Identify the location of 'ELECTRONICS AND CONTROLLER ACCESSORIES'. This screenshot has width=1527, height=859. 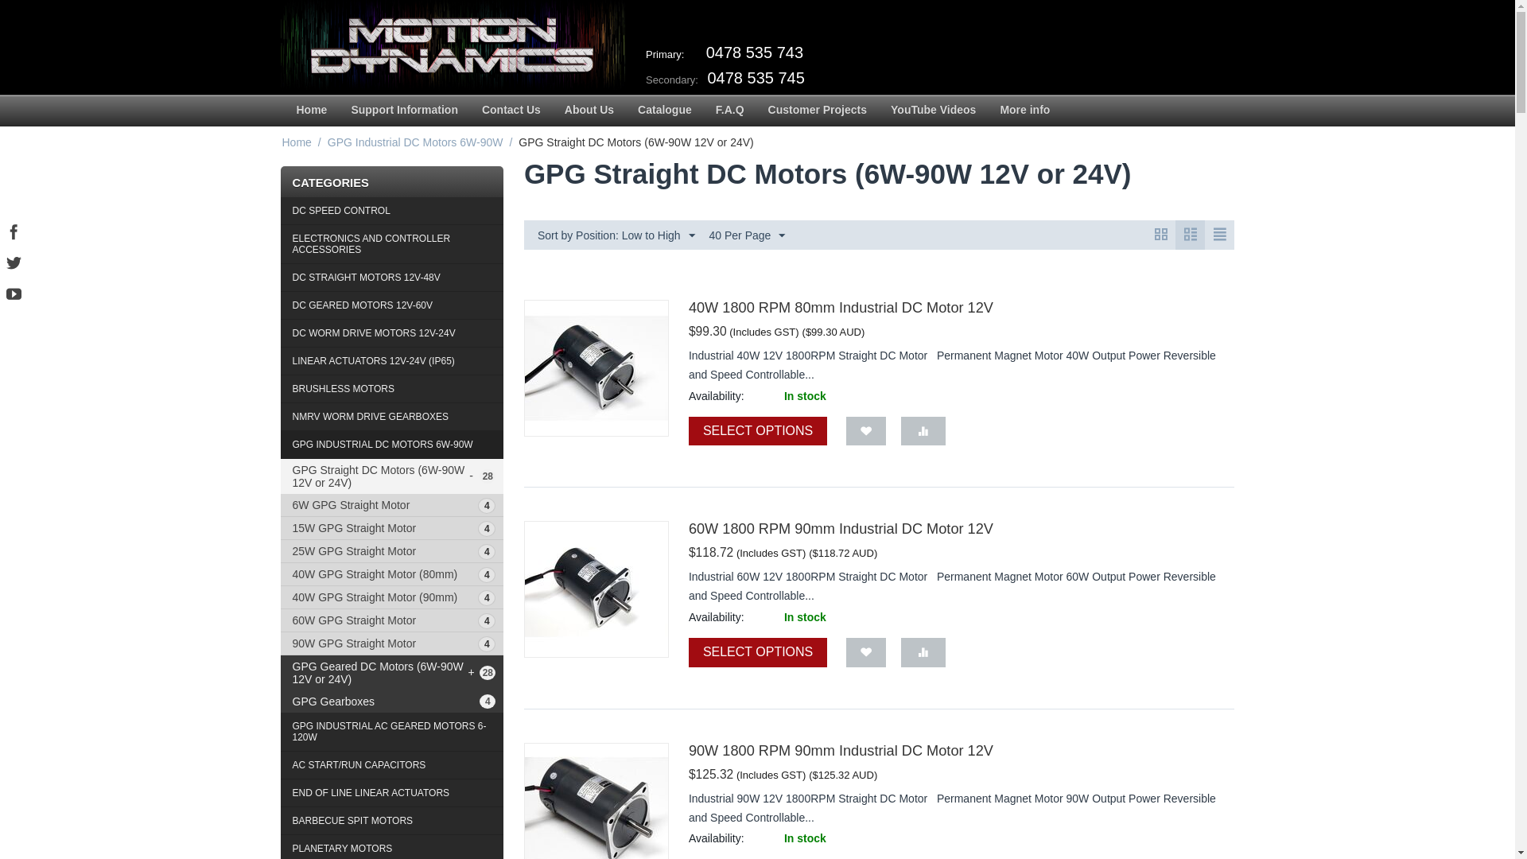
(391, 244).